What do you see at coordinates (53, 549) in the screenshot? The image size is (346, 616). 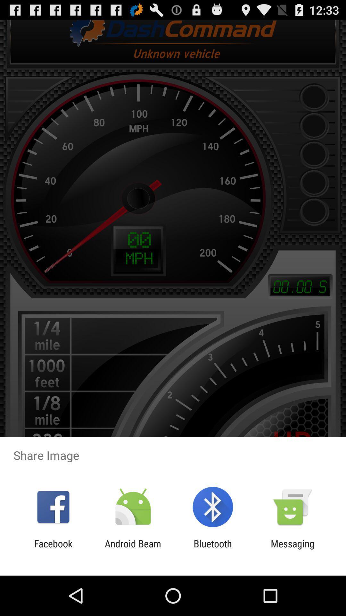 I see `the facebook item` at bounding box center [53, 549].